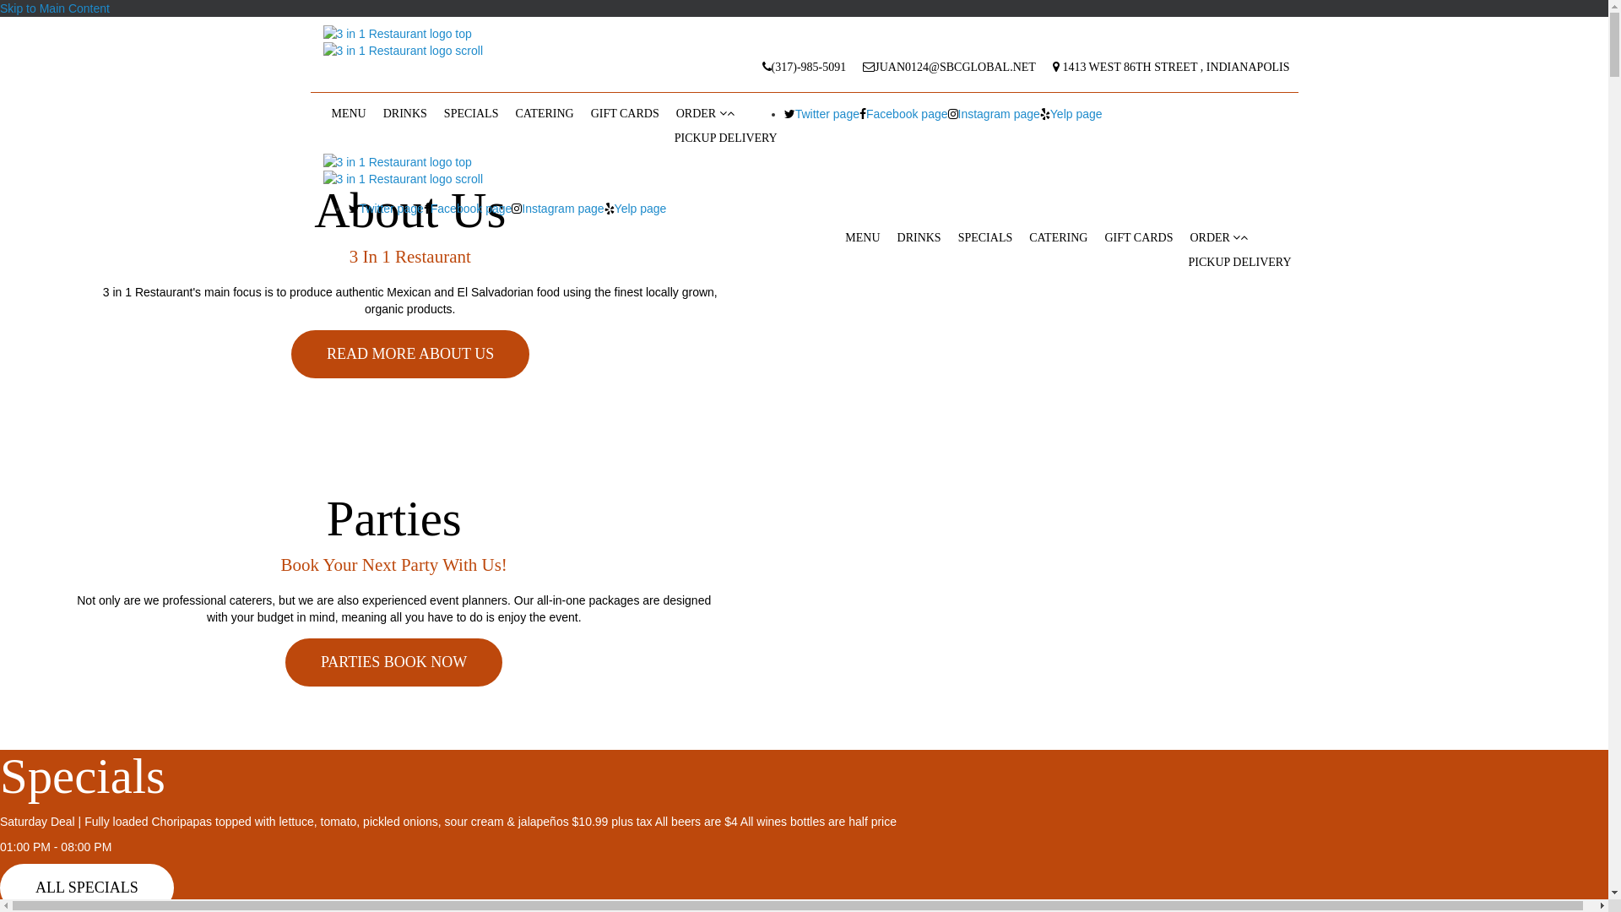  What do you see at coordinates (405, 114) in the screenshot?
I see `'DRINKS'` at bounding box center [405, 114].